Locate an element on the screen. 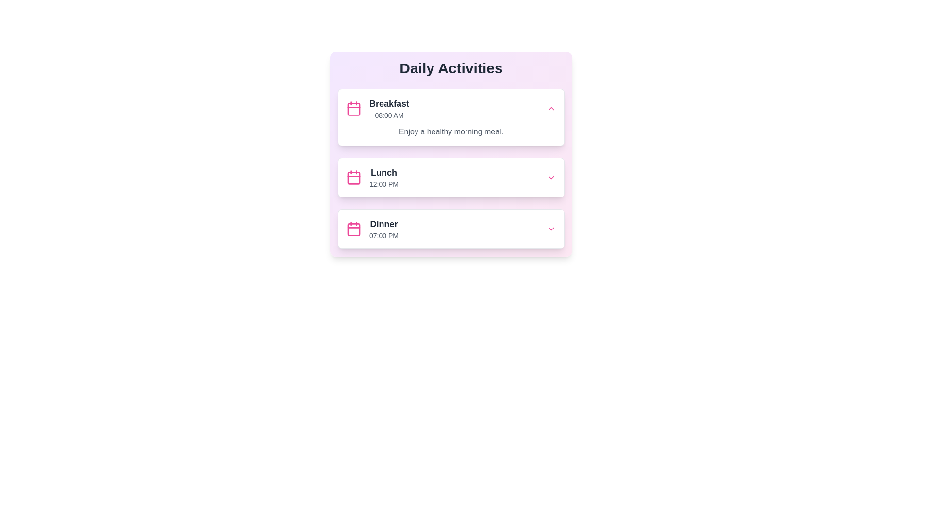  text content from the text block located in the bottom card of the 'Daily Activities' section, centrally positioned in the white area, aligned to the left, and to the right of a pink calendar icon is located at coordinates (383, 229).